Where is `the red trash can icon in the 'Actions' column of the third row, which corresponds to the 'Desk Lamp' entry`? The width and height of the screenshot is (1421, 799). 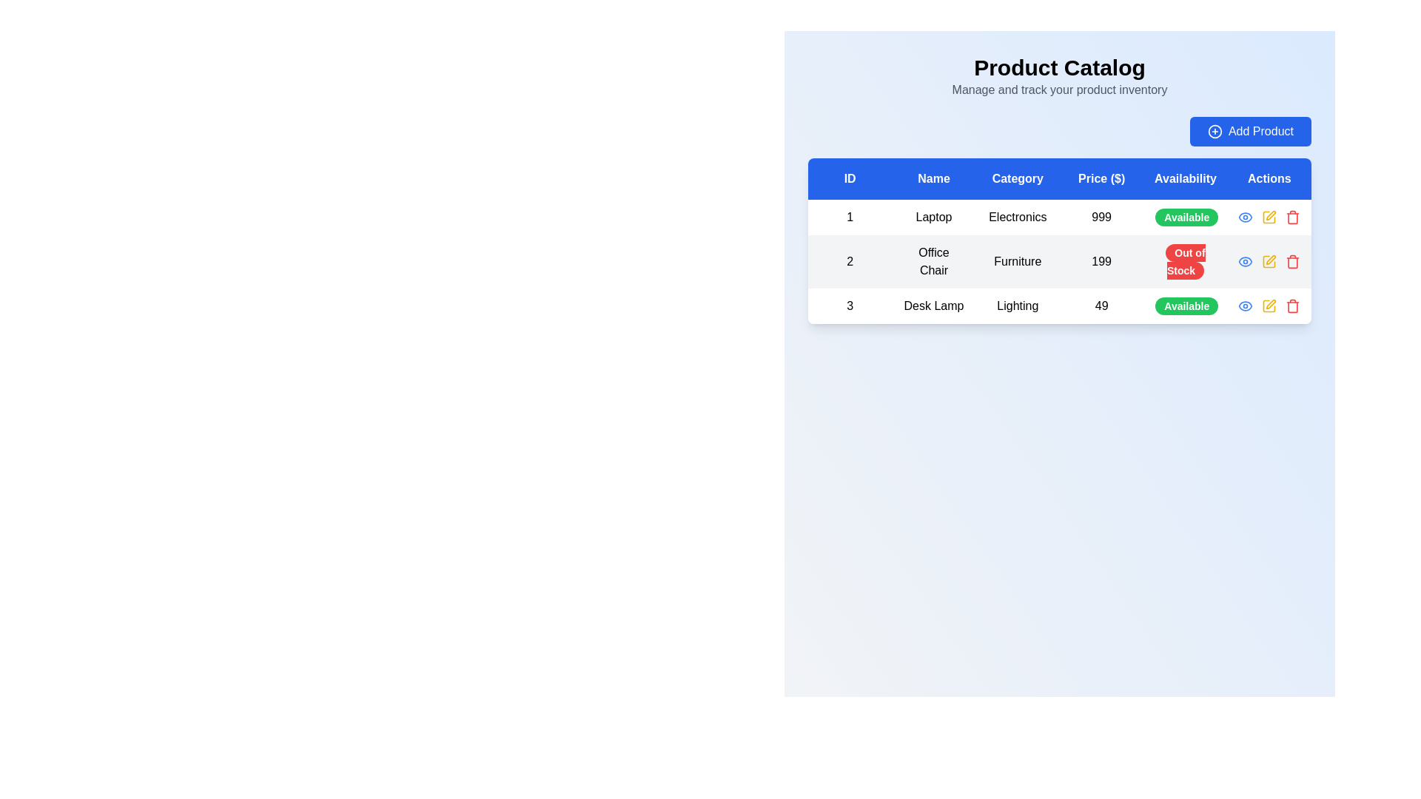
the red trash can icon in the 'Actions' column of the third row, which corresponds to the 'Desk Lamp' entry is located at coordinates (1292, 217).